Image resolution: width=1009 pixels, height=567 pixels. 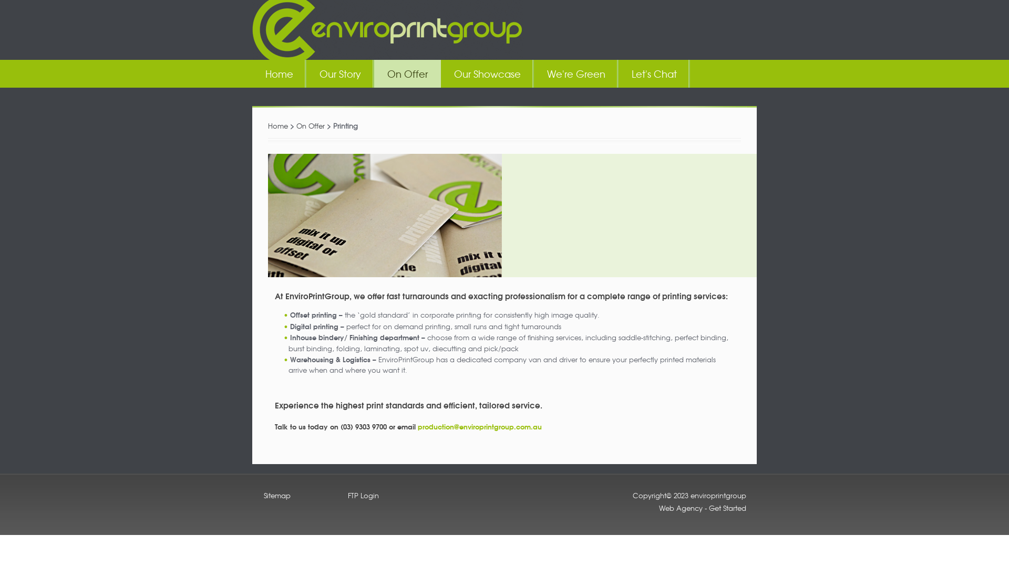 I want to click on 'Home', so click(x=279, y=73).